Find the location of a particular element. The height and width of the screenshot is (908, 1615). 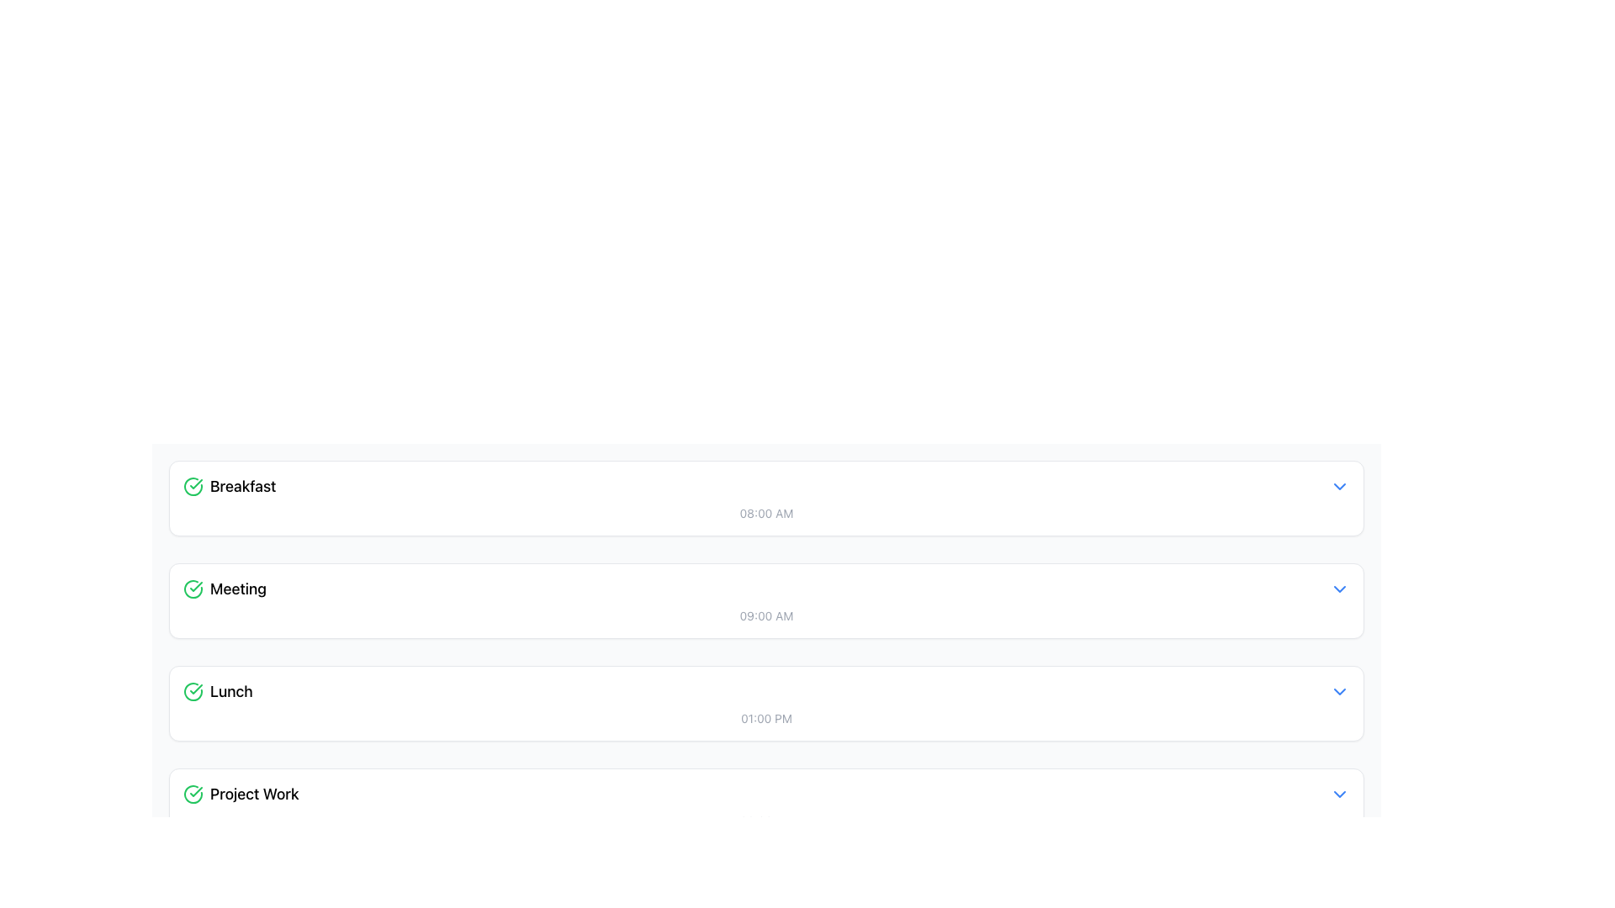

the Dropdown expand/collapse indicator (chevron icon) located at the top-right corner of the 'Meeting' section is located at coordinates (1339, 589).